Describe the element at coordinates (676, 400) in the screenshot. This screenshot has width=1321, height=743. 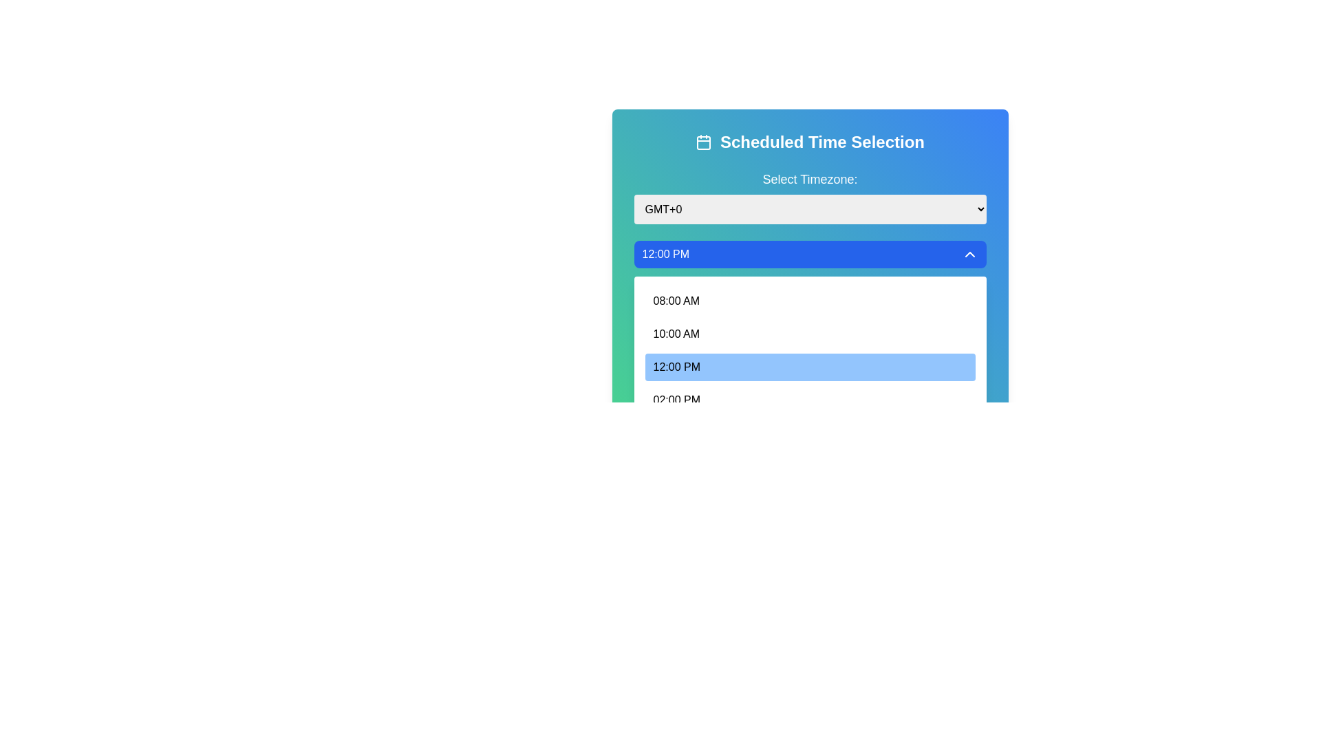
I see `the time selection menu item displaying '02:00 PM' at the bottom of the dropdown list` at that location.